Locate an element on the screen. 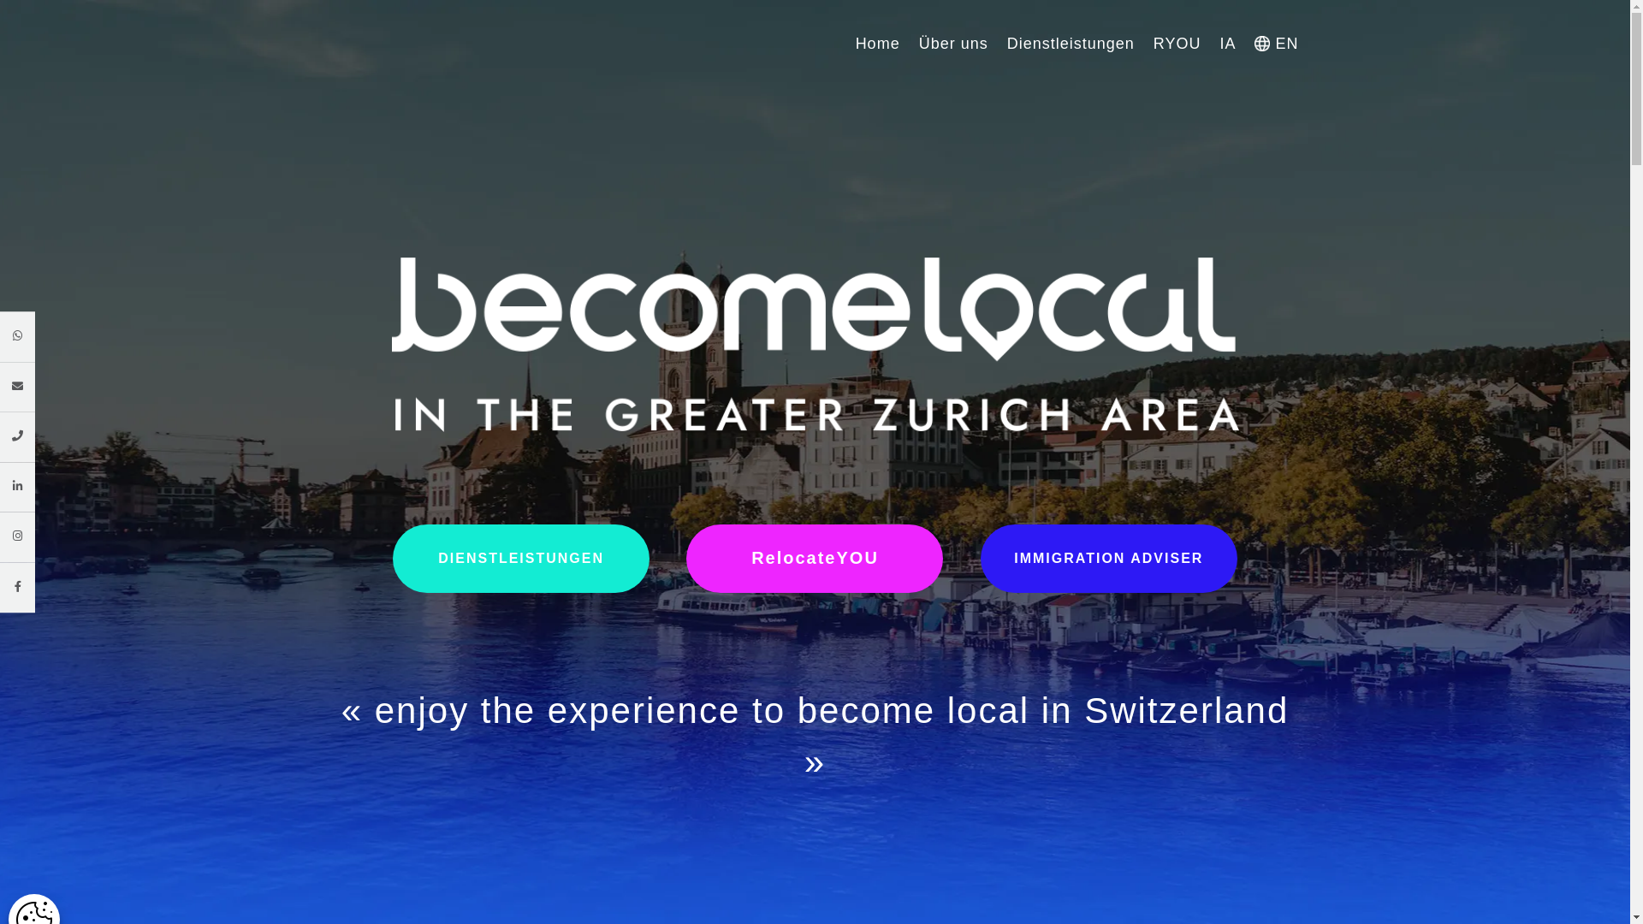 The image size is (1643, 924). 'RelocateYOU' is located at coordinates (813, 558).